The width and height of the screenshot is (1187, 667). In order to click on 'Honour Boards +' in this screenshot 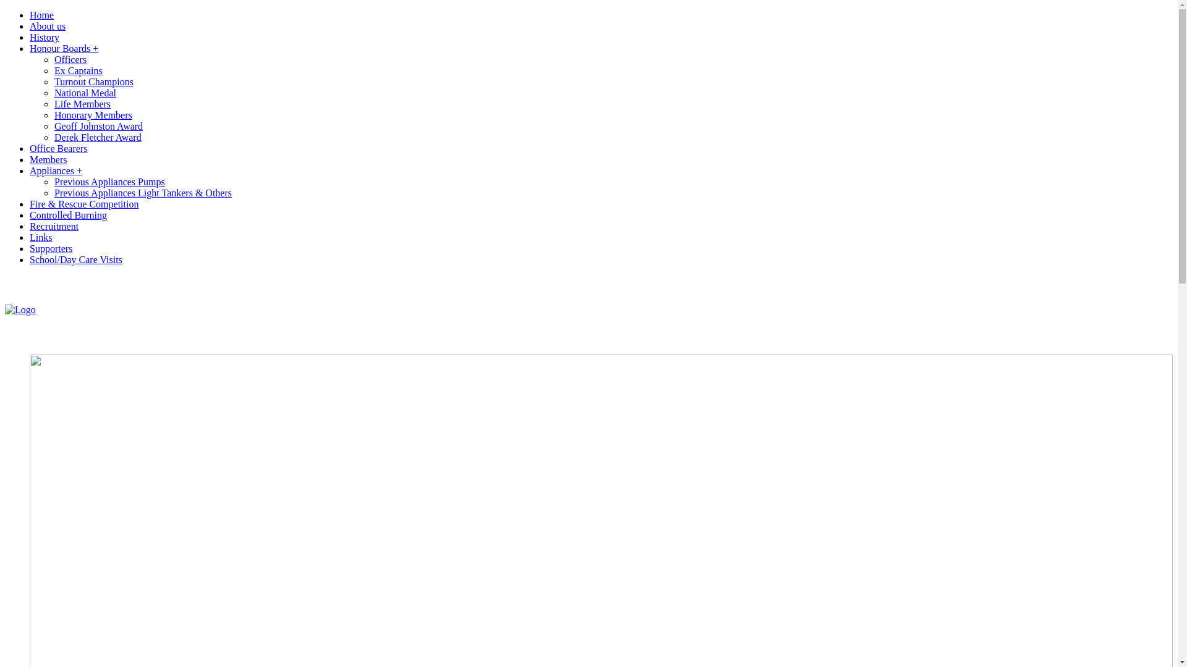, I will do `click(63, 48)`.